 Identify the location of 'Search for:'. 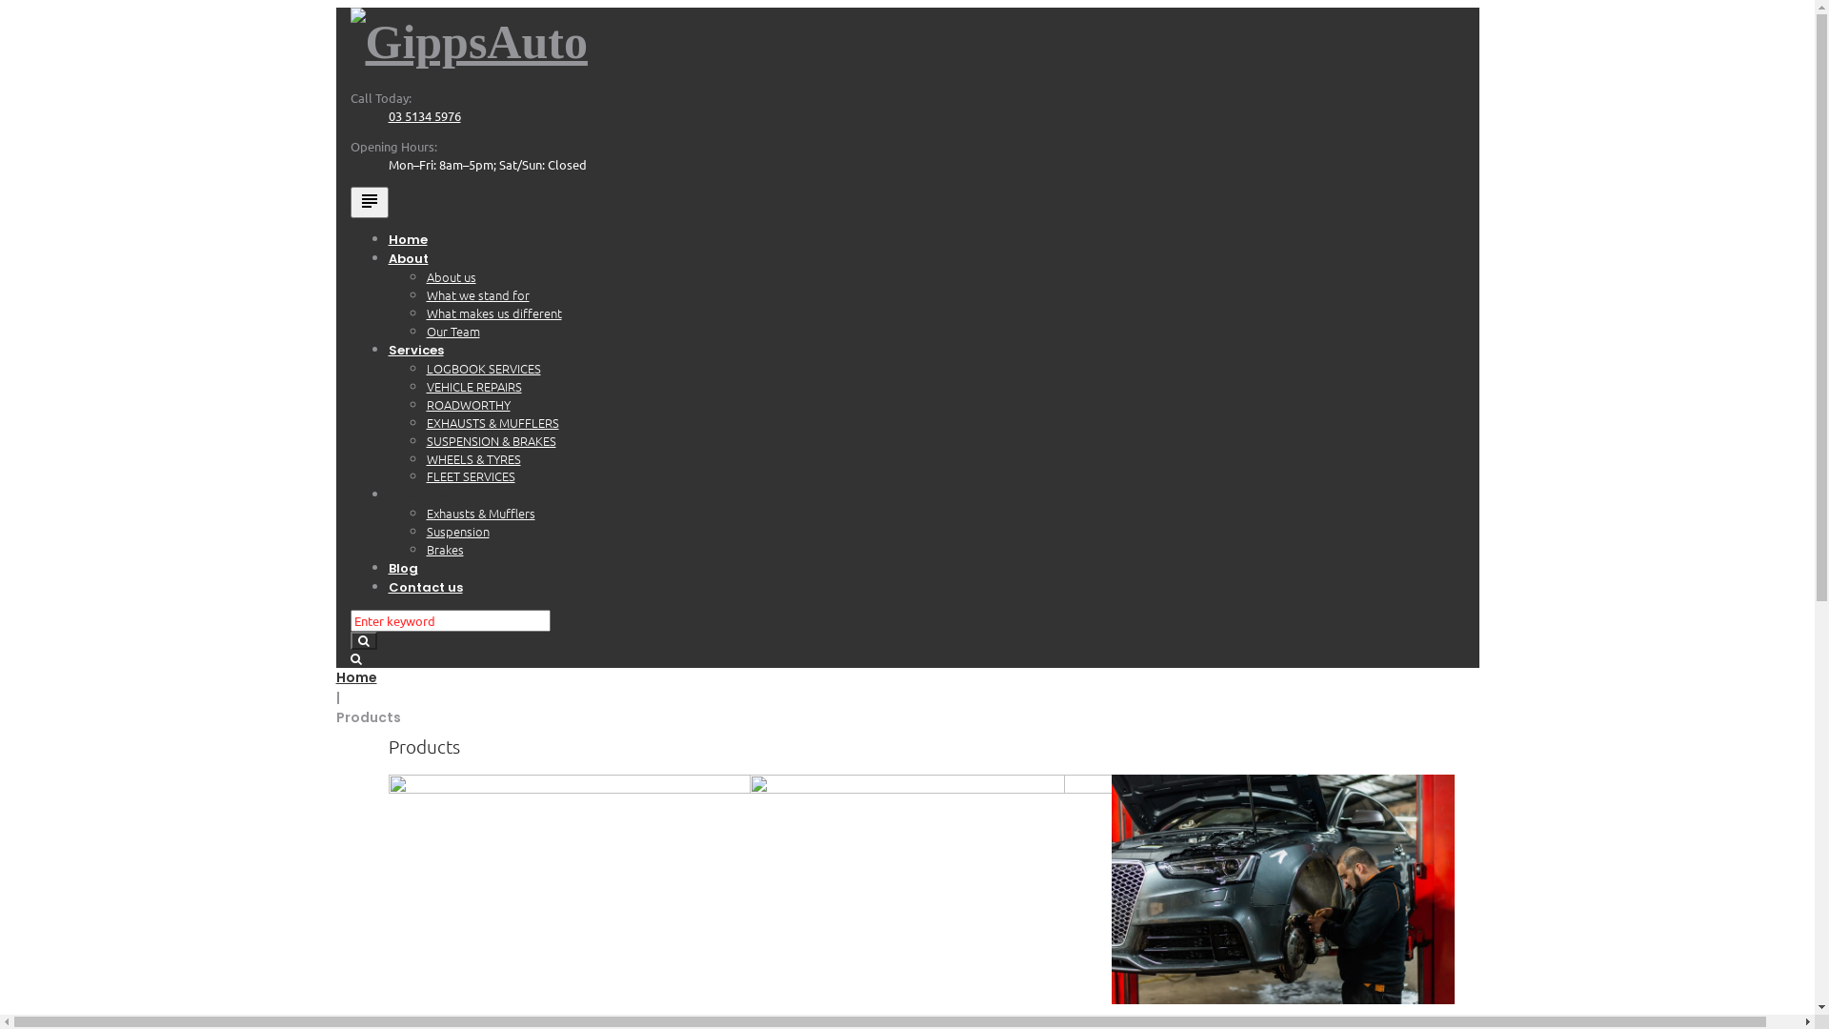
(351, 620).